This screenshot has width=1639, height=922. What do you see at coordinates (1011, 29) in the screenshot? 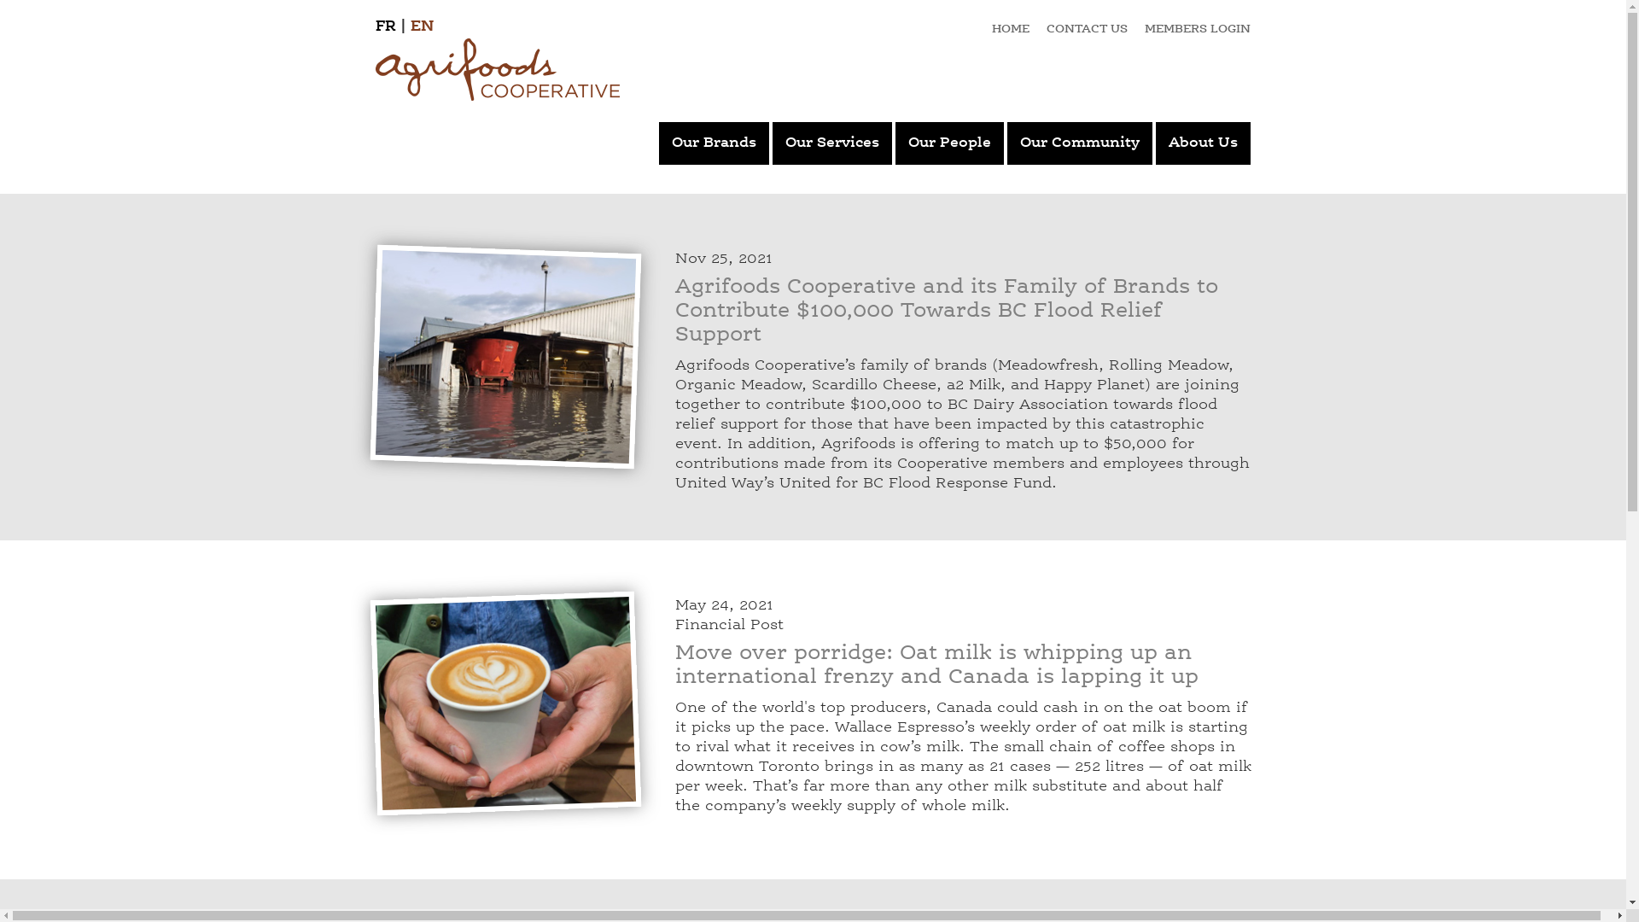
I see `'HOME'` at bounding box center [1011, 29].